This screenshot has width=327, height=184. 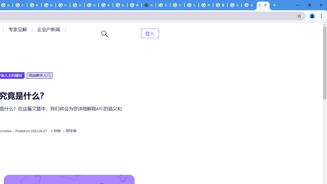 What do you see at coordinates (104, 34) in the screenshot?
I see `'Open search form'` at bounding box center [104, 34].